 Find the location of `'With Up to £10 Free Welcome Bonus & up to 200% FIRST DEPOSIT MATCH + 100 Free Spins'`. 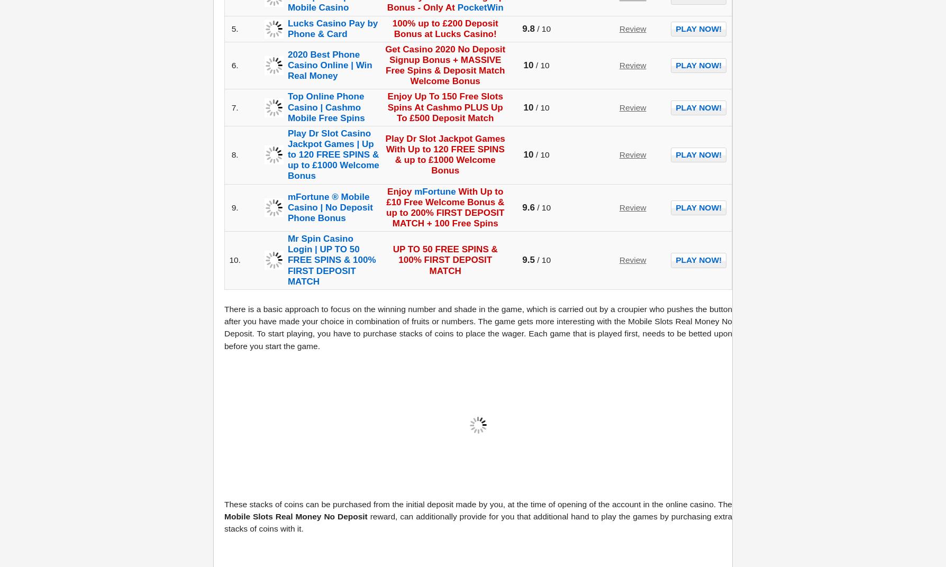

'With Up to £10 Free Welcome Bonus & up to 200% FIRST DEPOSIT MATCH + 100 Free Spins' is located at coordinates (444, 207).